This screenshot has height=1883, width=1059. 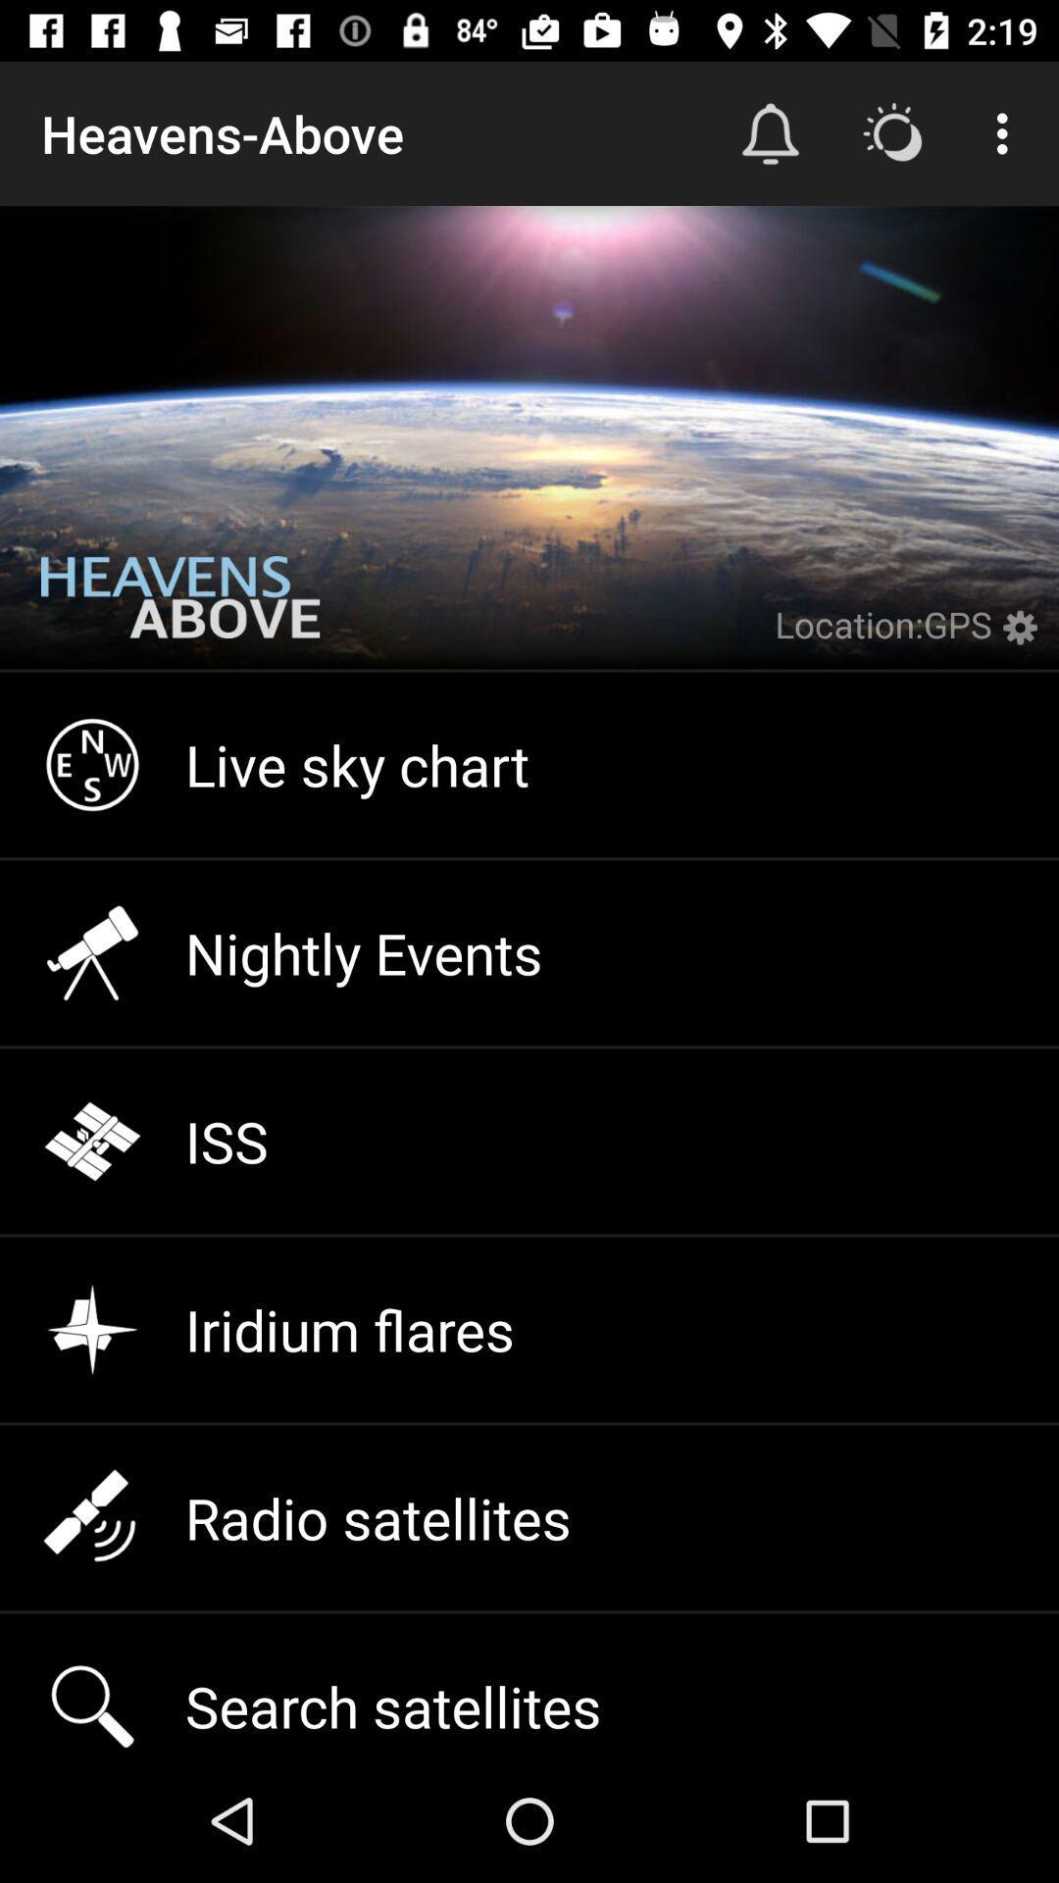 What do you see at coordinates (770, 132) in the screenshot?
I see `item next to heavens-above app` at bounding box center [770, 132].